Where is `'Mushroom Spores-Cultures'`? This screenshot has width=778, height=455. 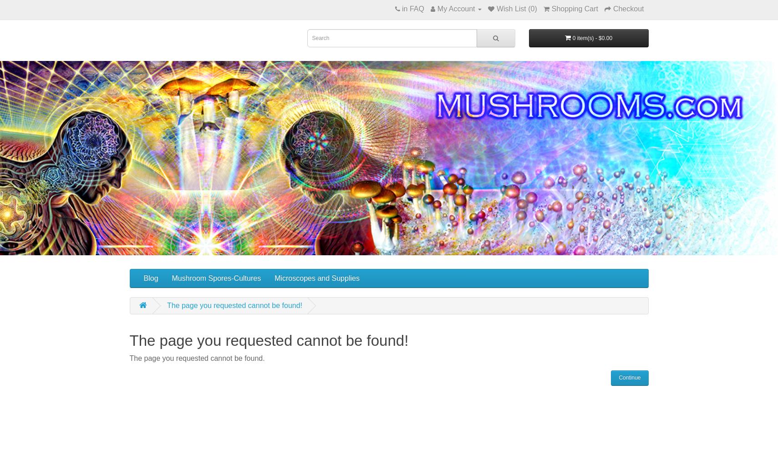 'Mushroom Spores-Cultures' is located at coordinates (215, 278).